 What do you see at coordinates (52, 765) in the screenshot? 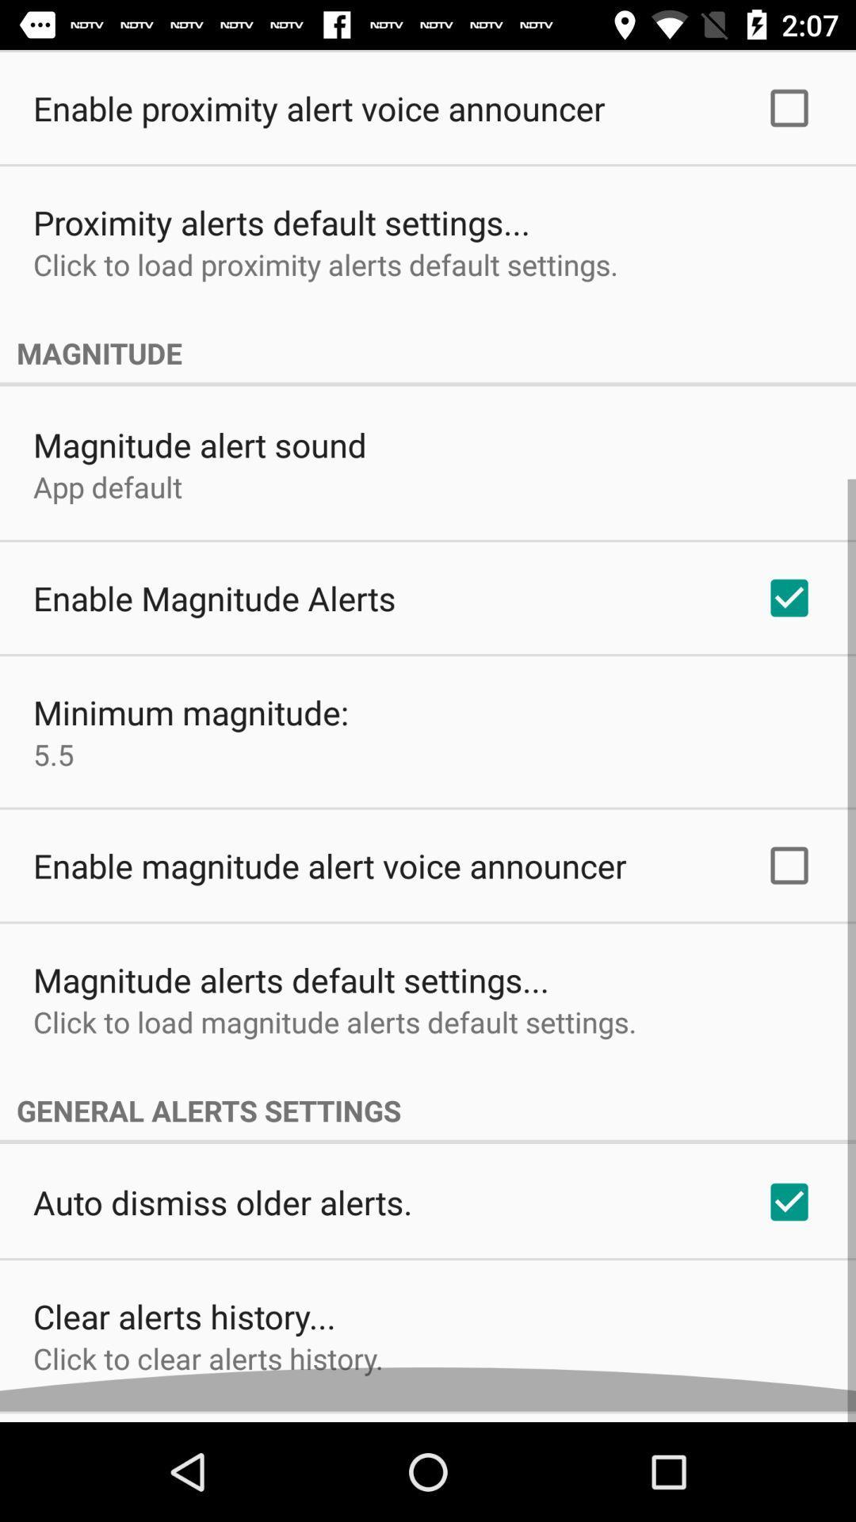
I see `the 5.5 icon` at bounding box center [52, 765].